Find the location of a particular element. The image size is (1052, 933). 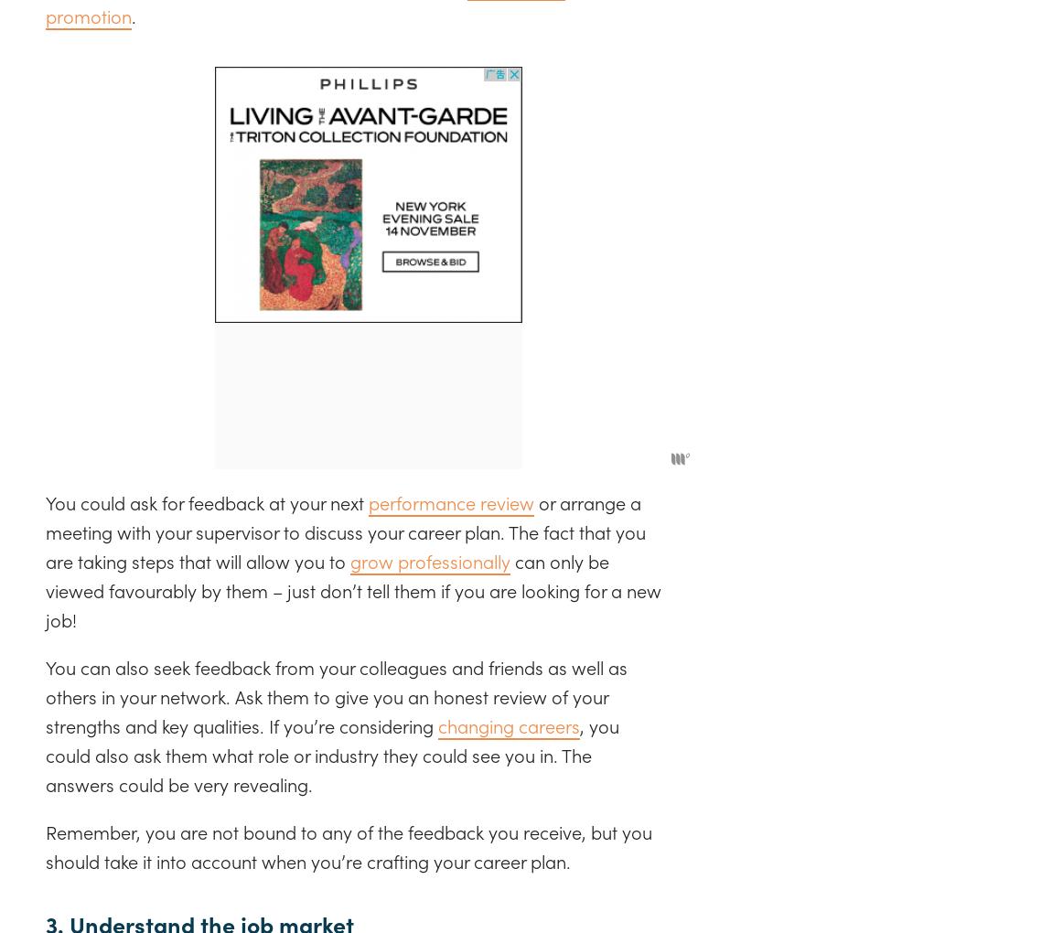

'Remember, you are not bound to any of the feedback you receive, but you should take it into account when you’re crafting your career plan.' is located at coordinates (349, 846).